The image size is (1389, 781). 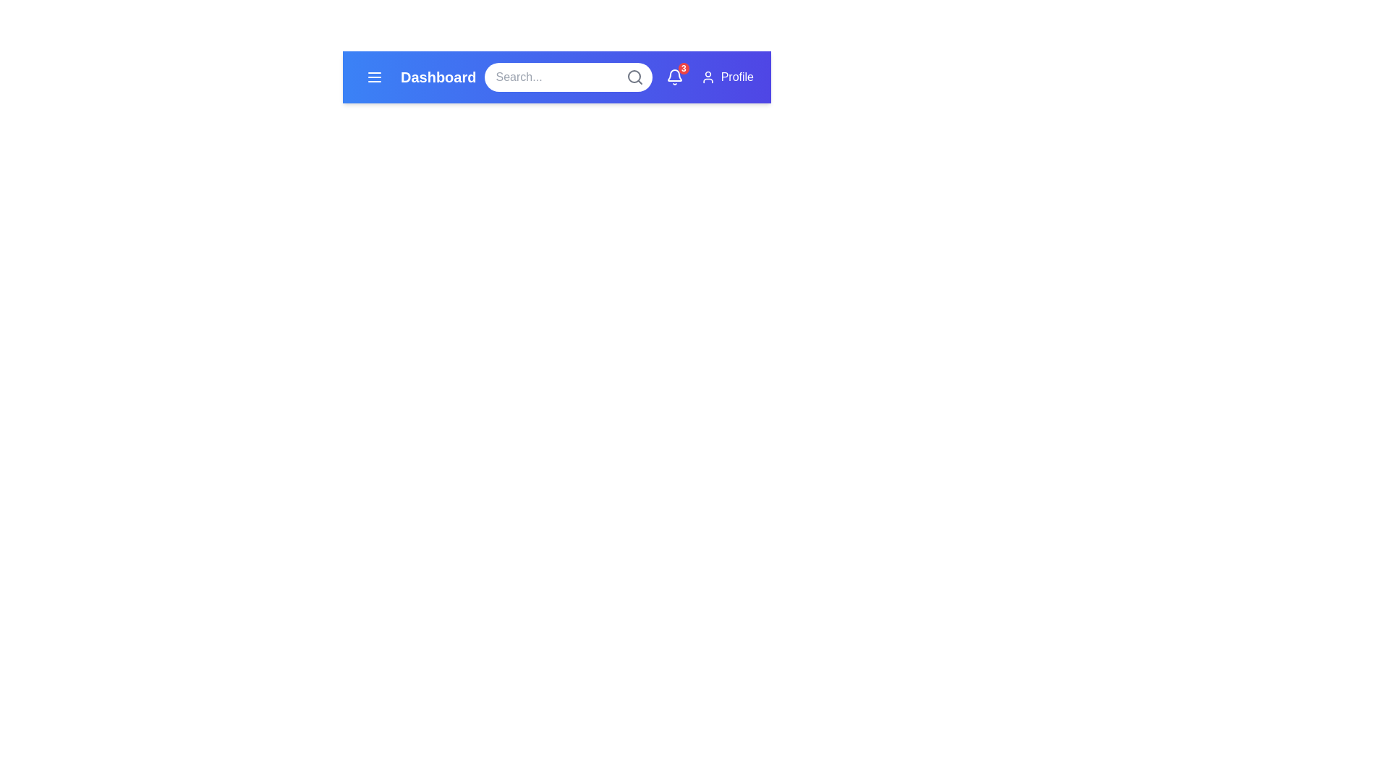 What do you see at coordinates (634, 77) in the screenshot?
I see `the search icon, which is a grey magnifying glass located at the far right end of the search bar, to initiate a search` at bounding box center [634, 77].